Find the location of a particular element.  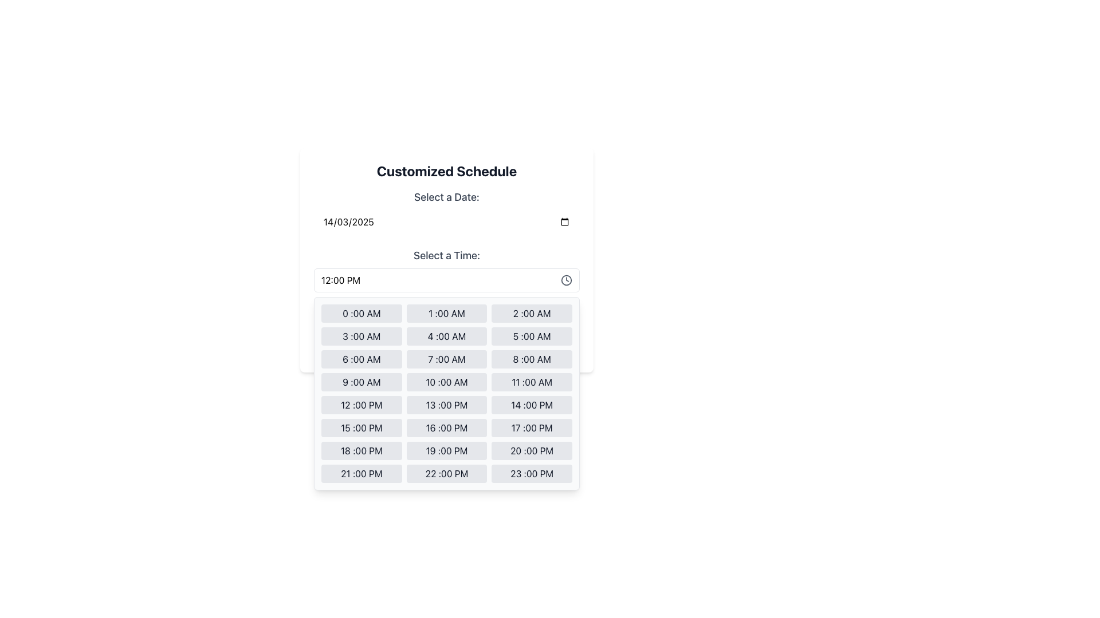

the selectable time slot button for '1:00 AM' in the time picker interface is located at coordinates (446, 313).